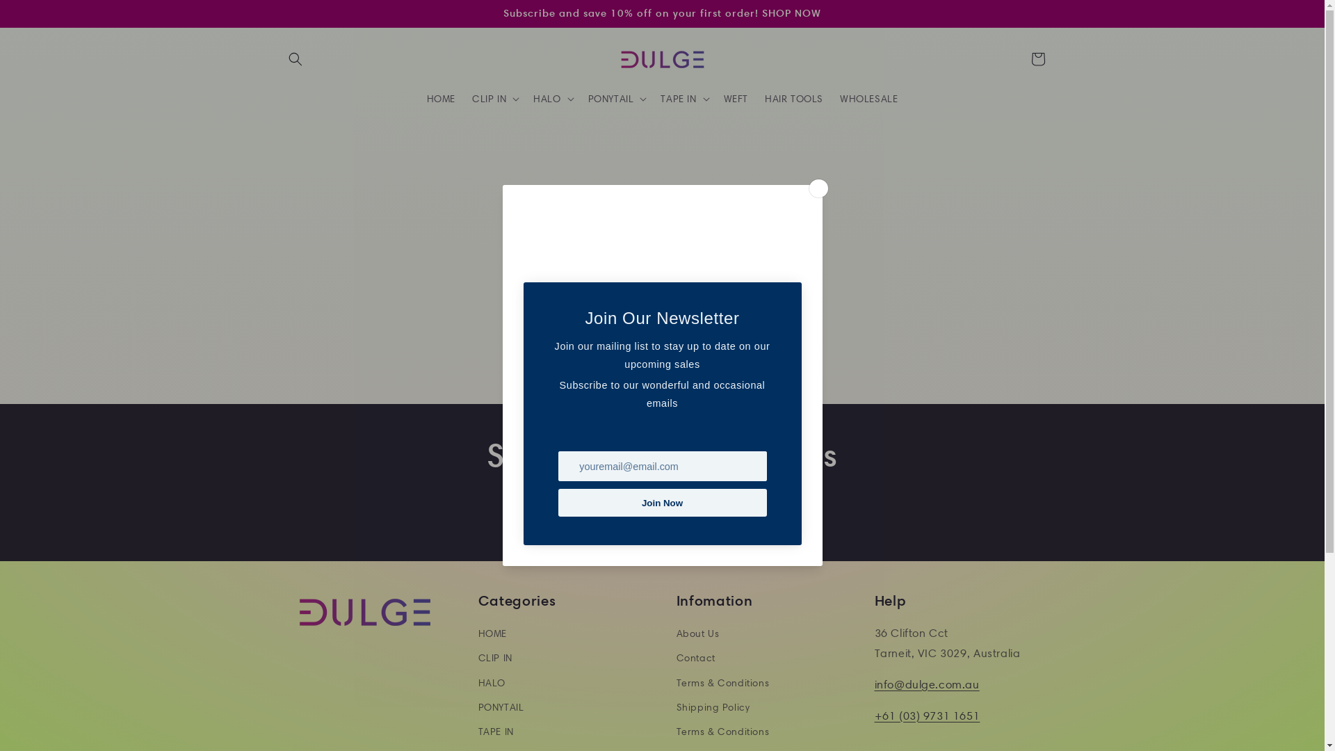 The image size is (1335, 751). I want to click on 'Cart', so click(1037, 58).